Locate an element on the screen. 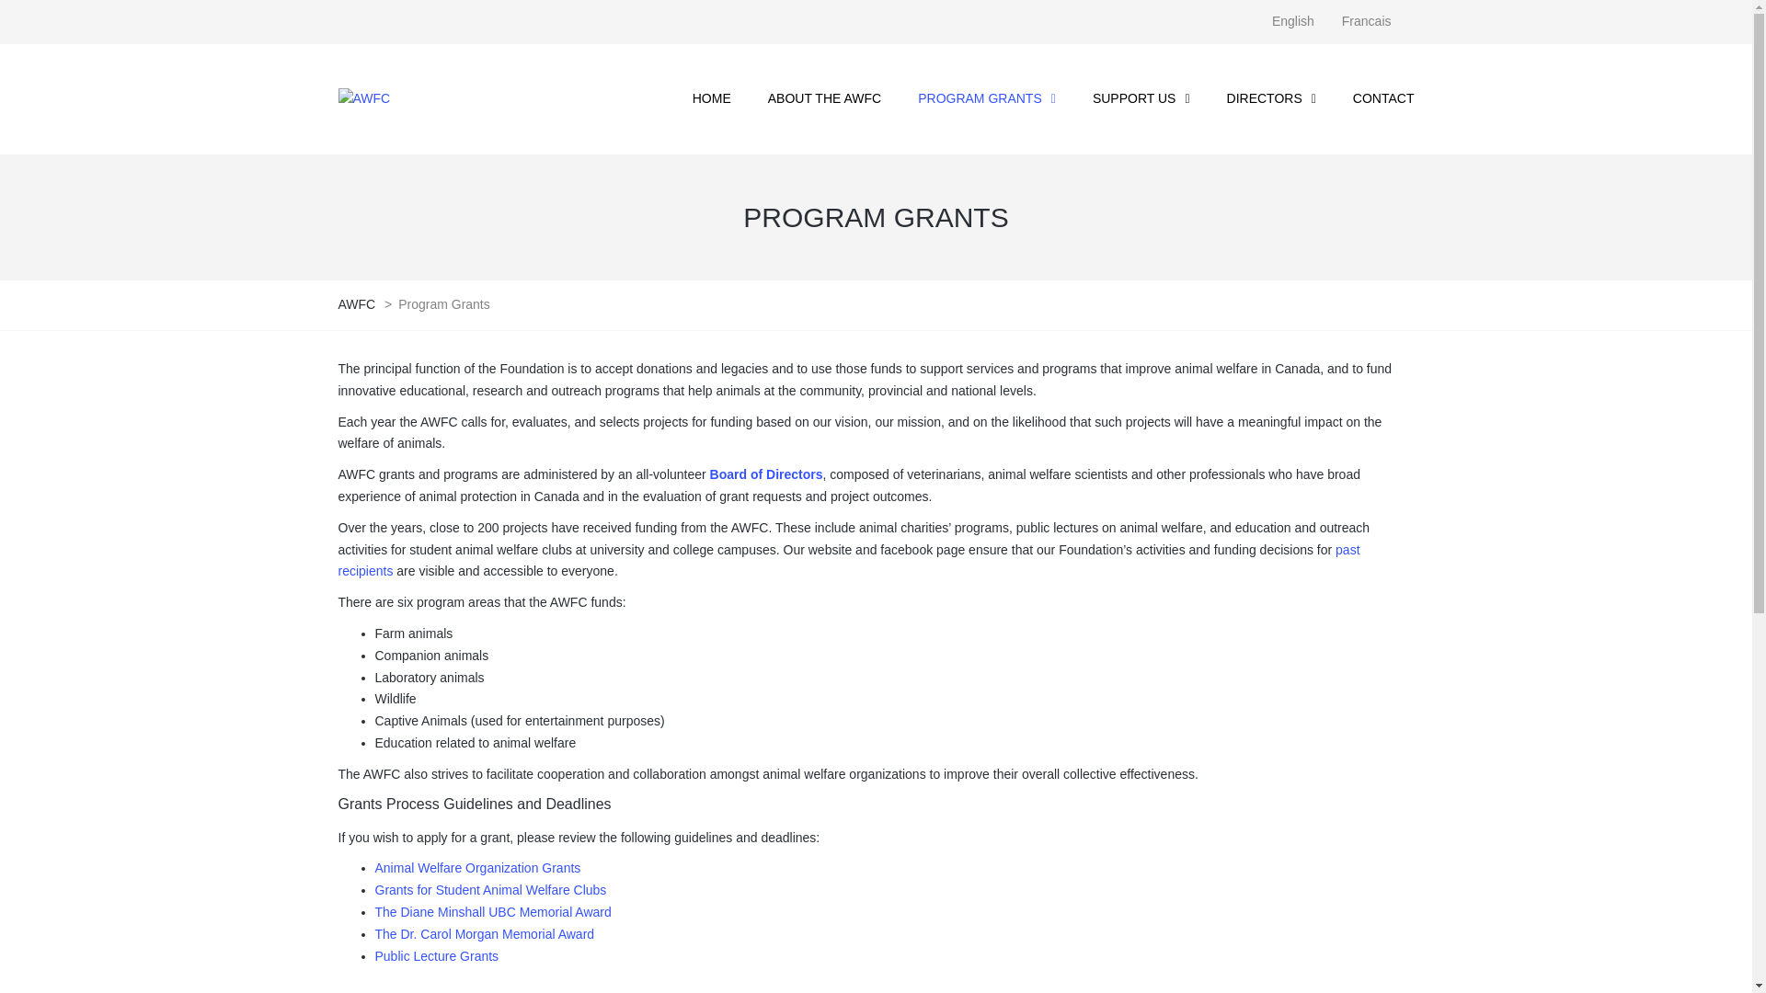 The width and height of the screenshot is (1766, 993). 'SUPPORT US' is located at coordinates (1141, 99).